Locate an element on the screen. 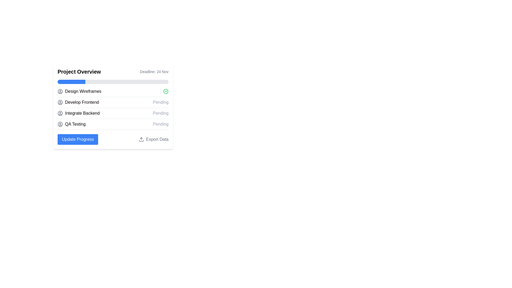 The width and height of the screenshot is (512, 288). the 'Design Wireframes' task entry in the project management interface is located at coordinates (79, 91).